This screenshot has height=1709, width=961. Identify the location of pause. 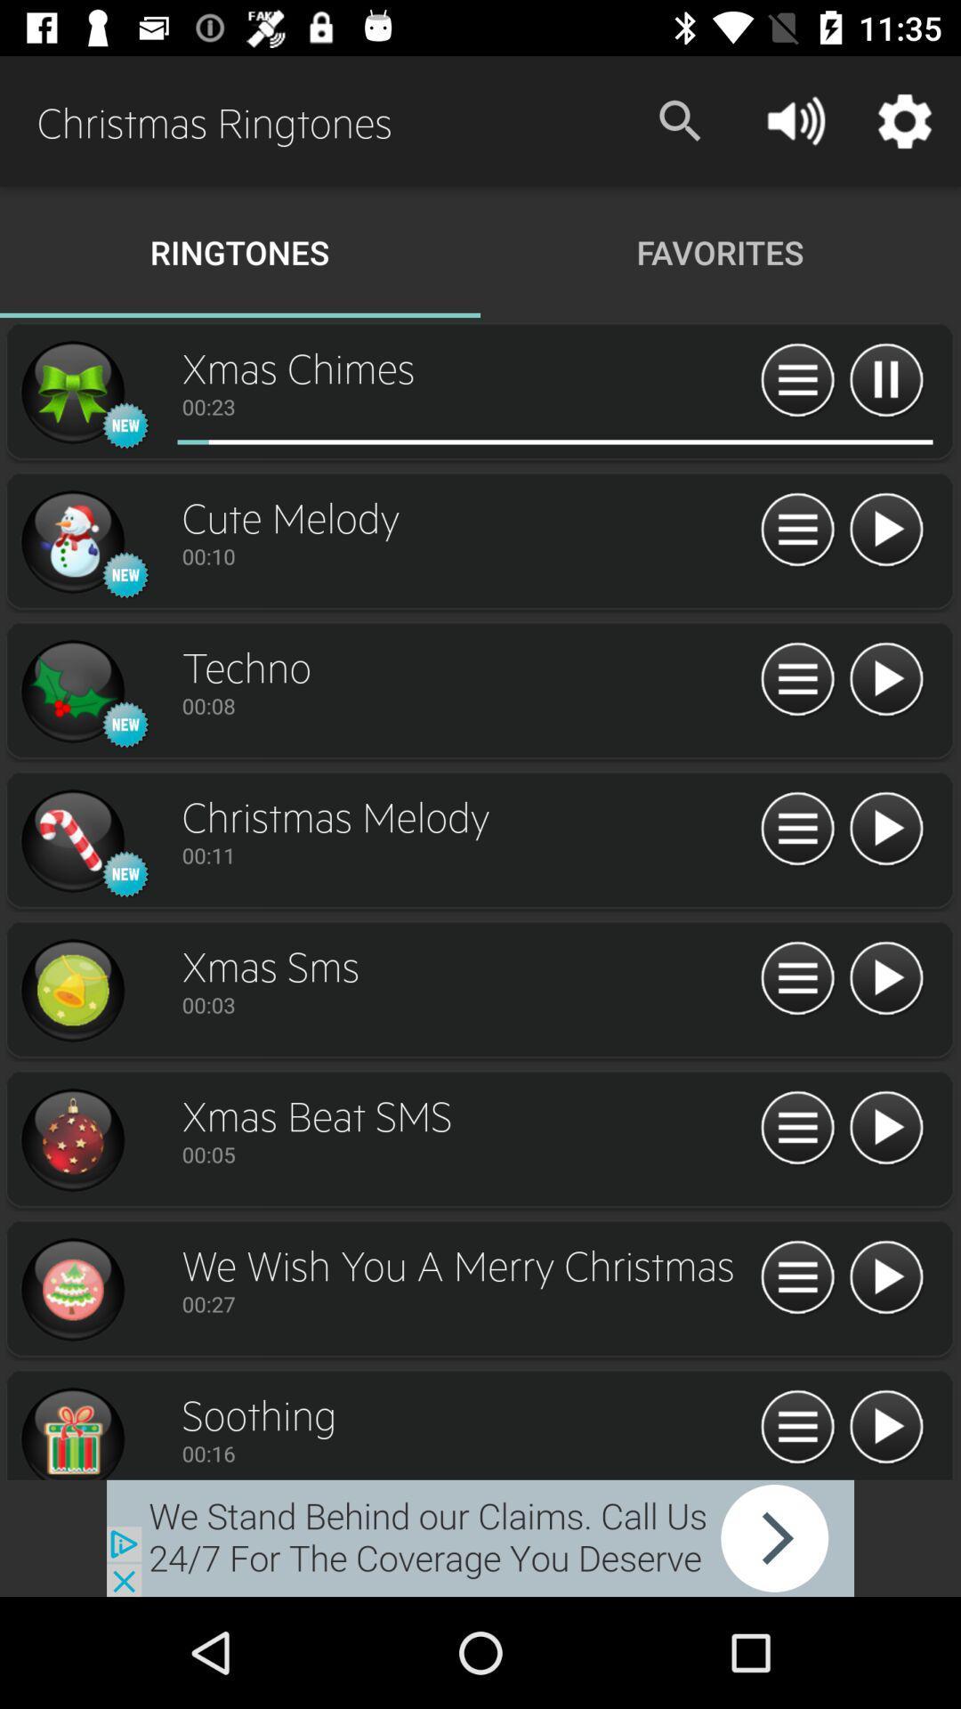
(885, 829).